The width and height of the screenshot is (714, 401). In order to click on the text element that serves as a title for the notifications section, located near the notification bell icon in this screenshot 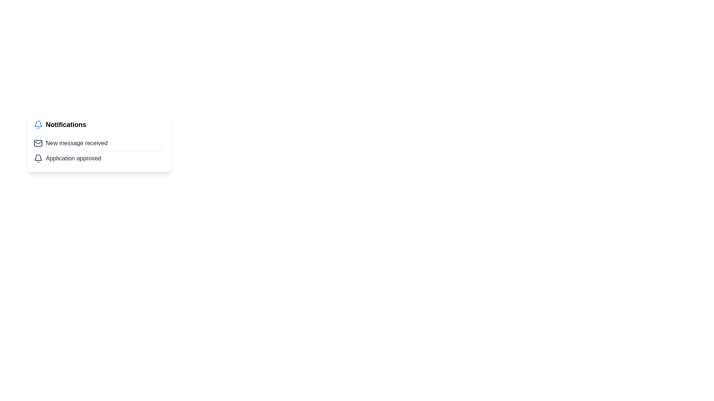, I will do `click(66, 124)`.